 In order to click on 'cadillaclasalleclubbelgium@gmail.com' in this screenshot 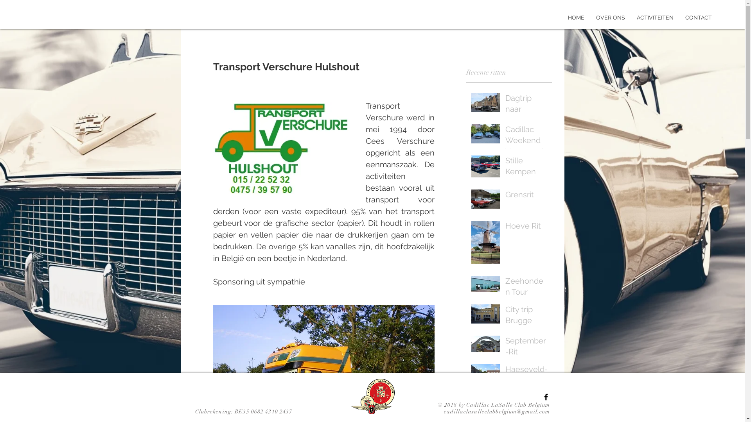, I will do `click(496, 411)`.